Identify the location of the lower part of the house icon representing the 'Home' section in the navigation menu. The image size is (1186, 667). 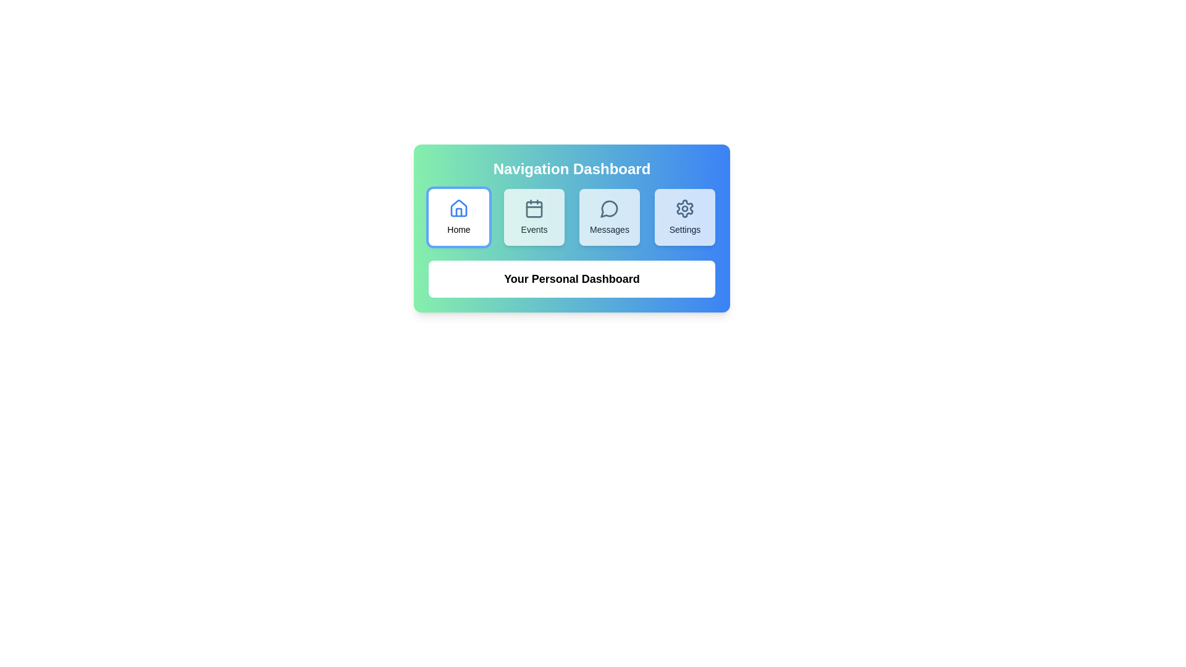
(458, 211).